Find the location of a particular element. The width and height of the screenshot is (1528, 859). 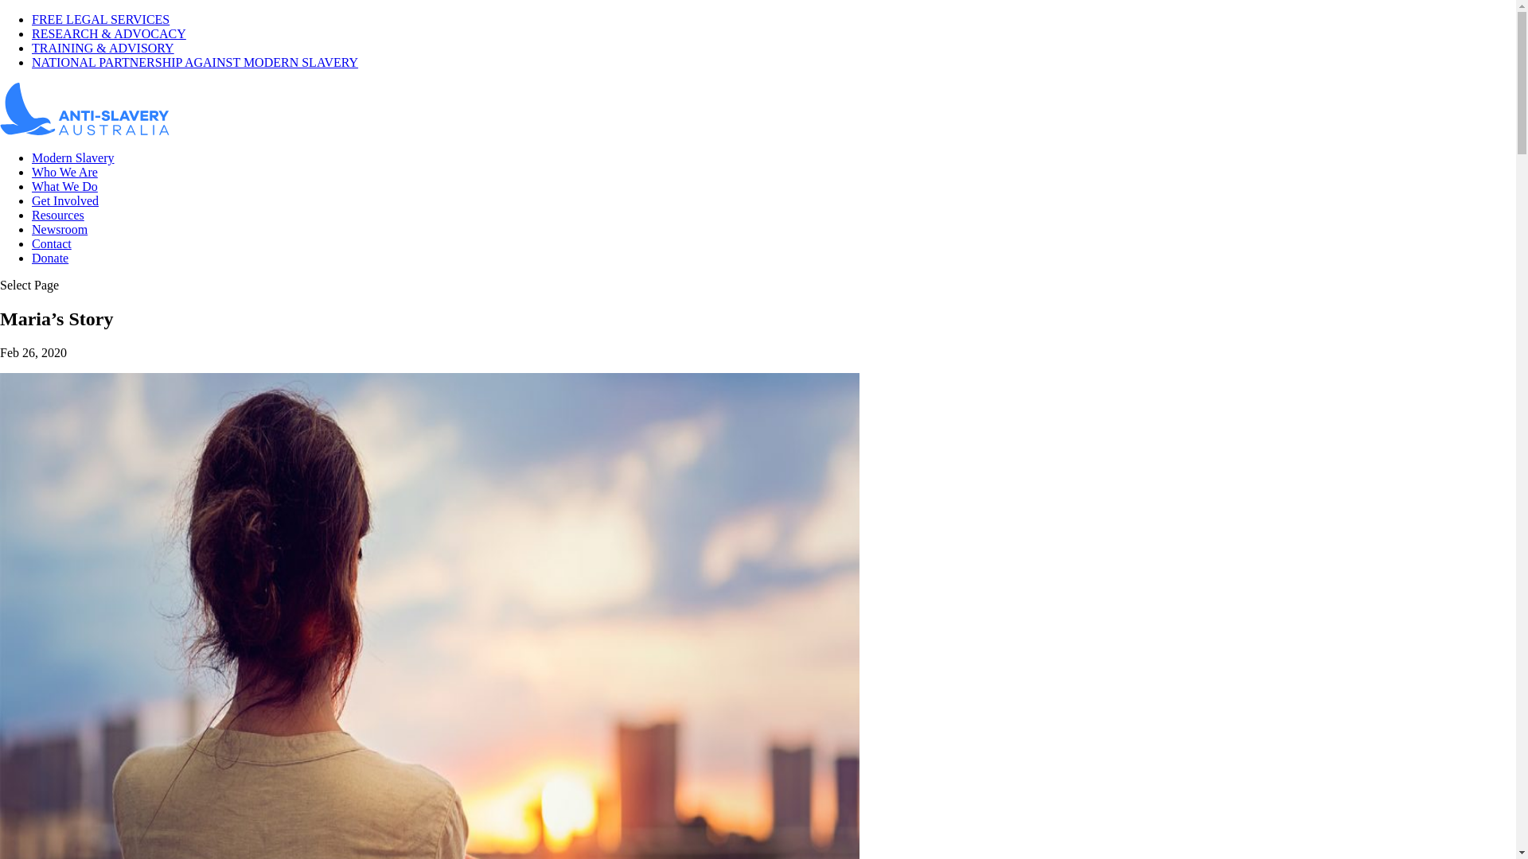

'Contact' is located at coordinates (52, 243).